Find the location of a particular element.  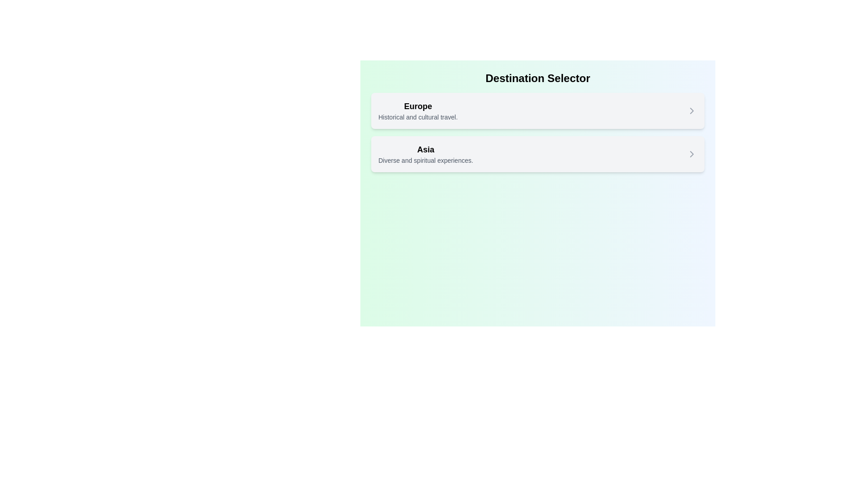

the text block titled 'Asia', which includes the subtitle 'Diverse and spiritual experiences', located in the second card of the 'Destination Selector' section is located at coordinates (425, 154).